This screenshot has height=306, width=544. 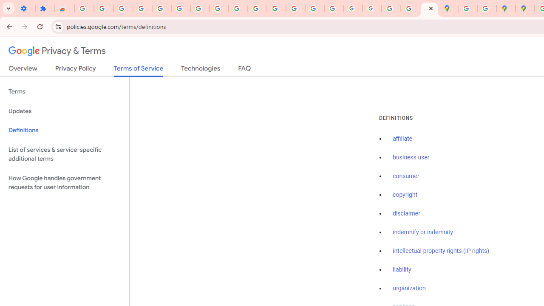 I want to click on 'https://scholar.google.com/', so click(x=276, y=8).